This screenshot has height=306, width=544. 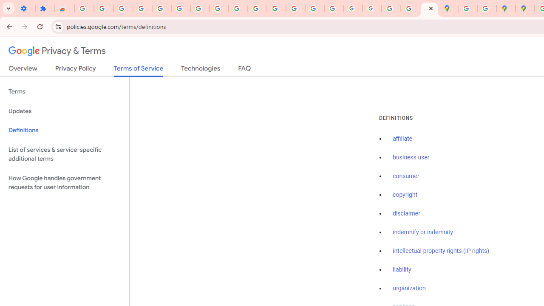 I want to click on 'https://scholar.google.com/', so click(x=276, y=8).